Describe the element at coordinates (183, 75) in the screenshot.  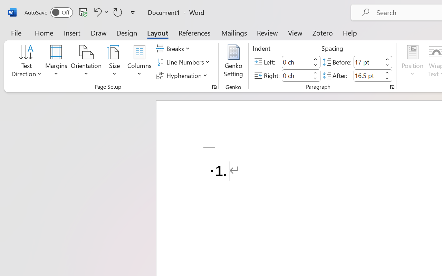
I see `'Hyphenation'` at that location.